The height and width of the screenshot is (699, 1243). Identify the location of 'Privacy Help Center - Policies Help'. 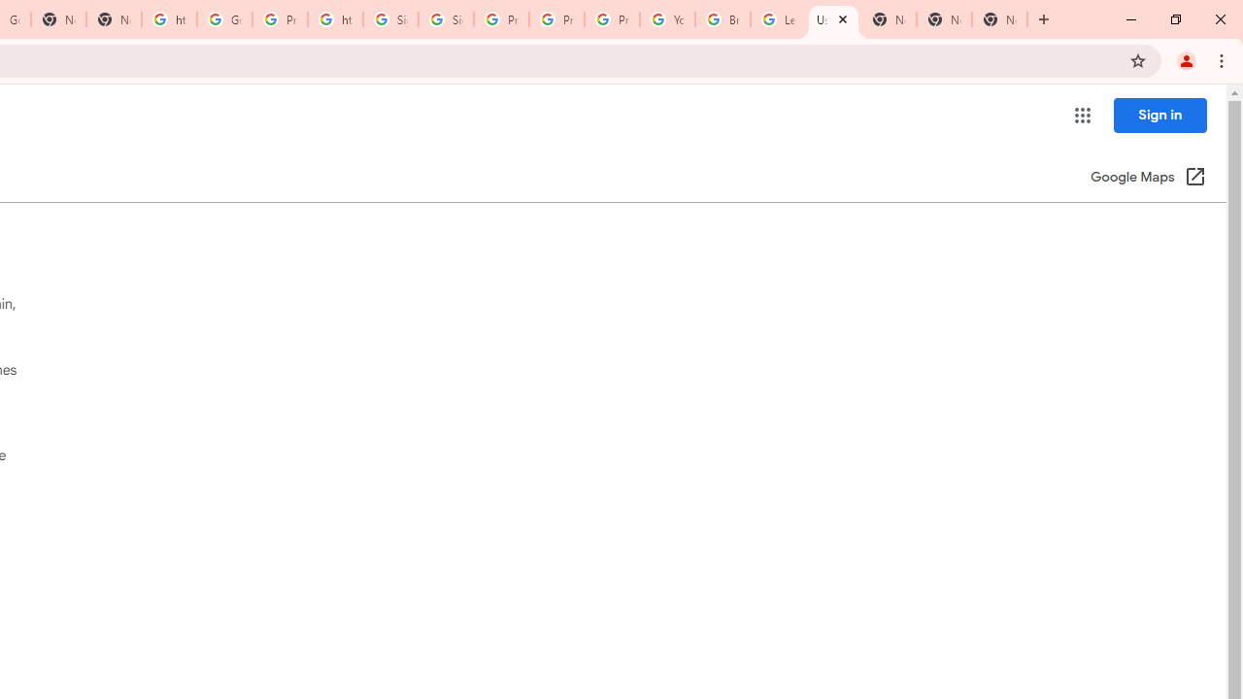
(555, 19).